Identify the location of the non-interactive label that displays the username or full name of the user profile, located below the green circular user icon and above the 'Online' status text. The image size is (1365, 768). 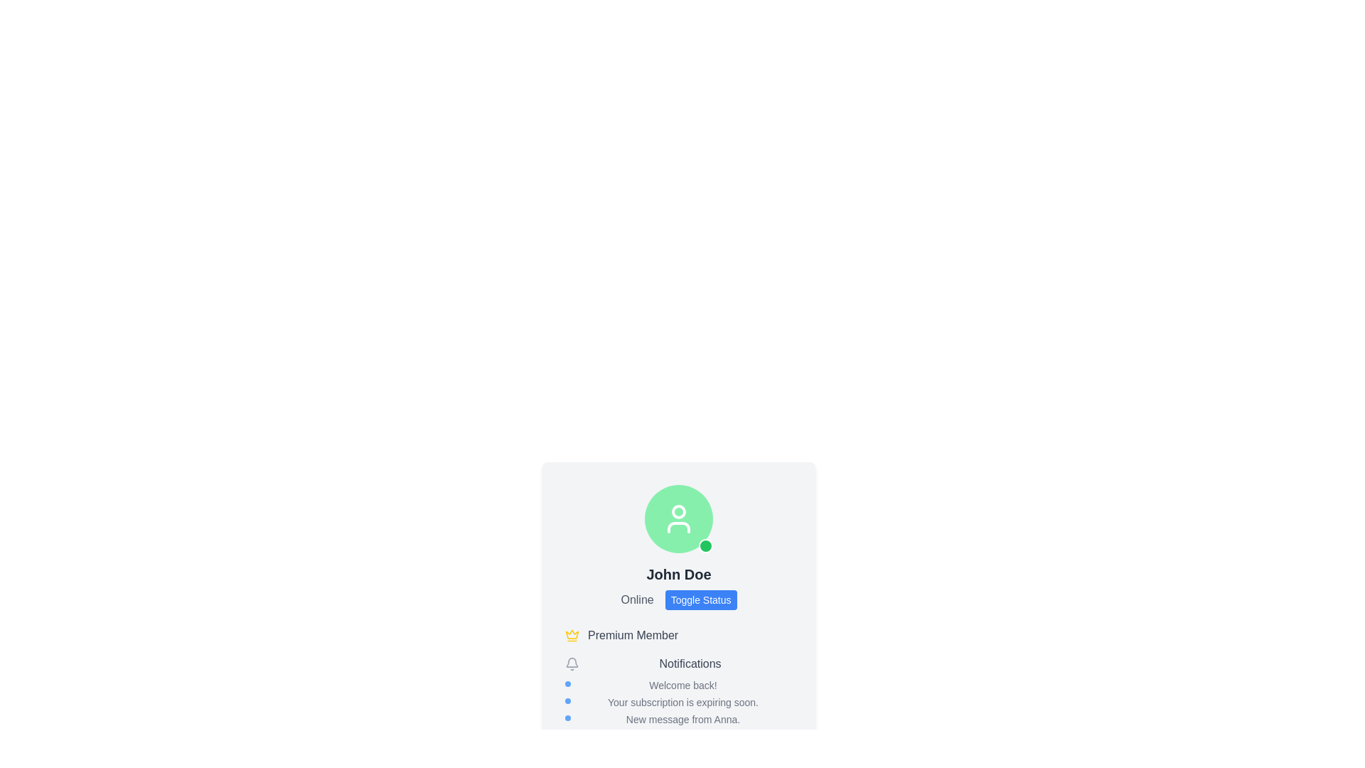
(678, 573).